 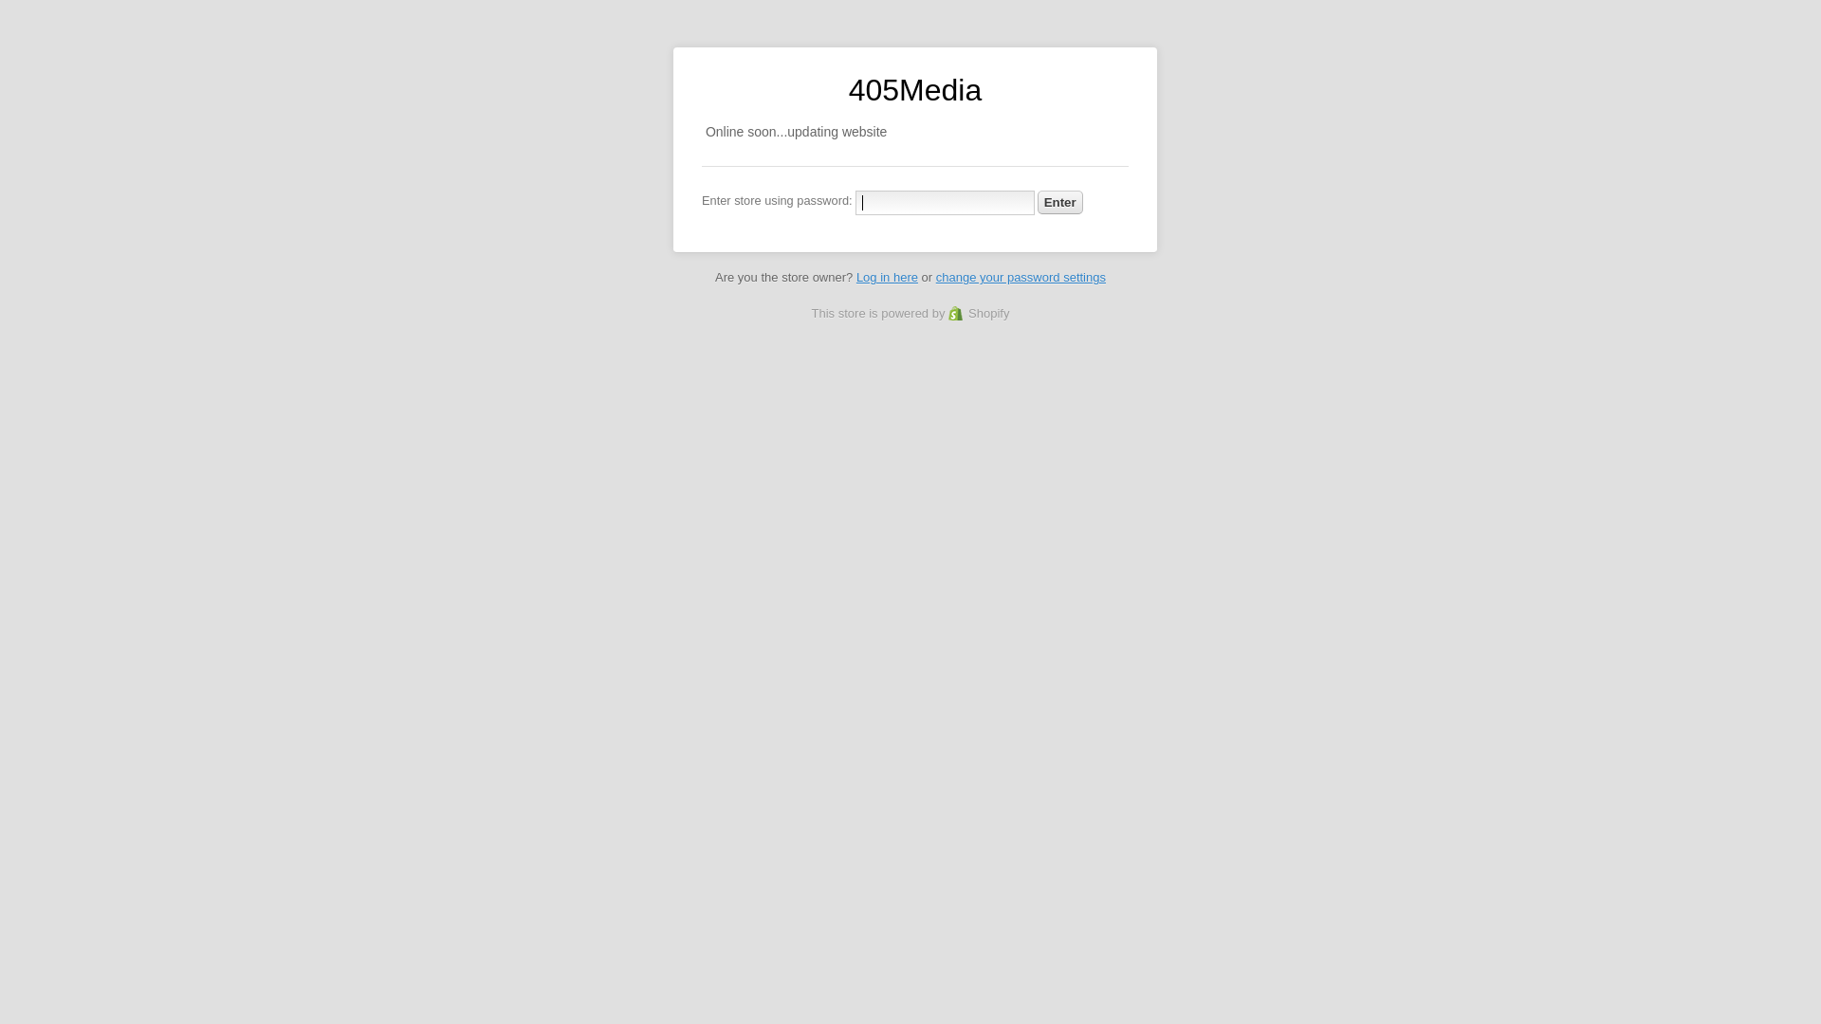 I want to click on 'Enter', so click(x=1059, y=202).